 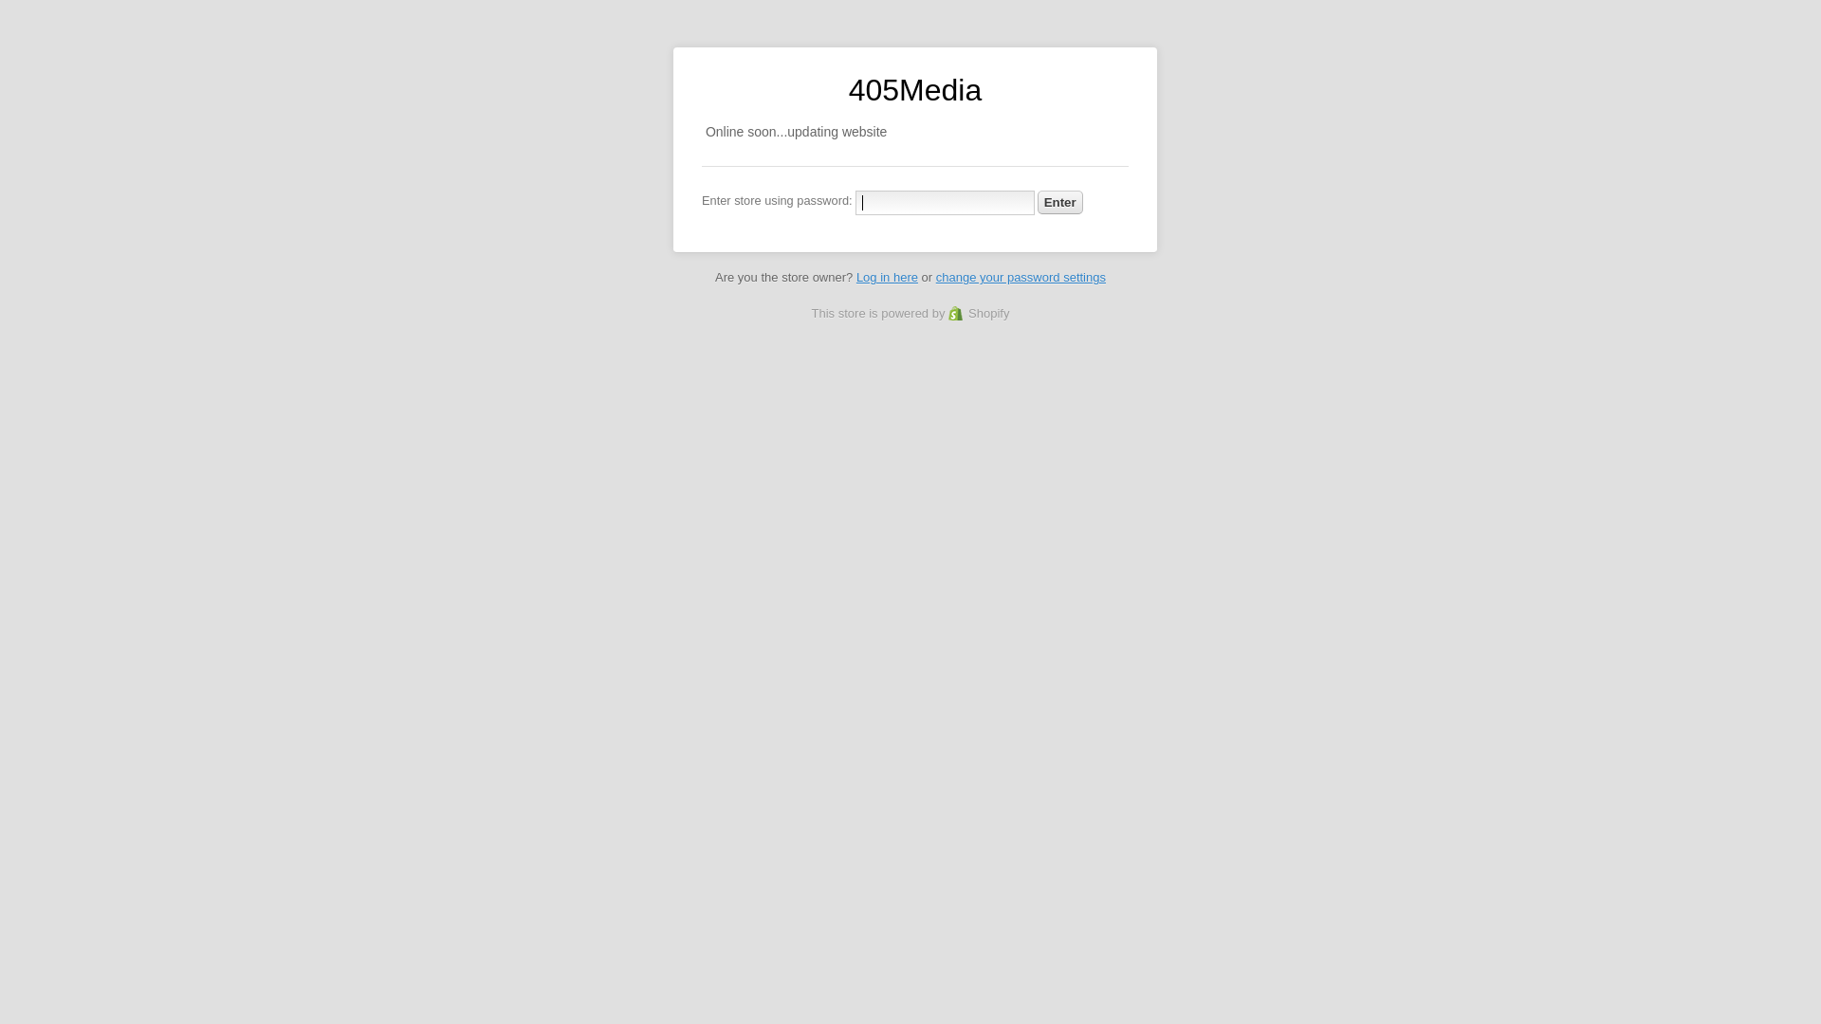 I want to click on 'Enter', so click(x=1059, y=202).